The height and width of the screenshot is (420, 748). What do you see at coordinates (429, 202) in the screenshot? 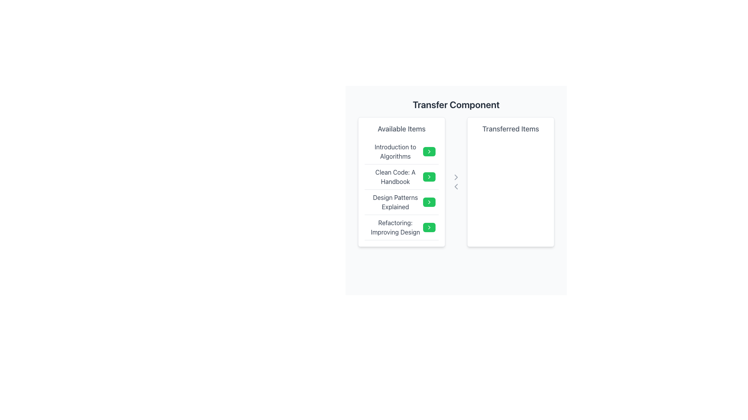
I see `the small rectangular button with a green background and a right-pointing chevron icon, located to the immediate right of the text 'Design Patterns Explained' in the 'Available Items' section` at bounding box center [429, 202].